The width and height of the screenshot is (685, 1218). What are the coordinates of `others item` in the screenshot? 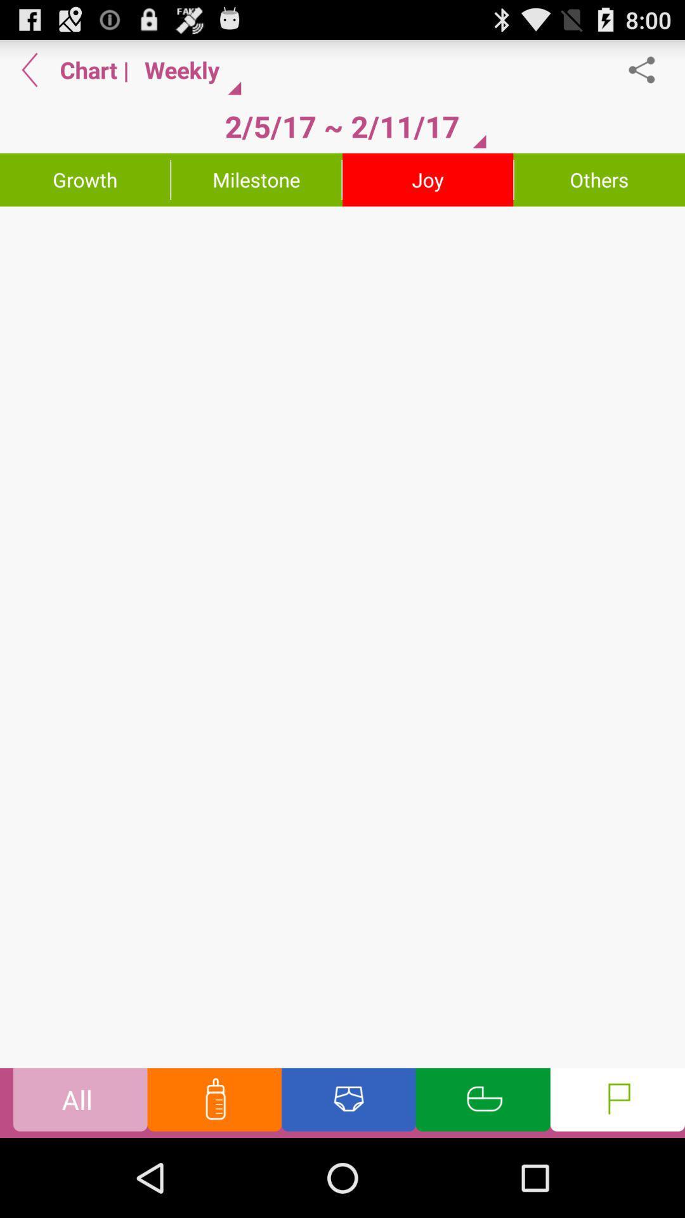 It's located at (599, 179).